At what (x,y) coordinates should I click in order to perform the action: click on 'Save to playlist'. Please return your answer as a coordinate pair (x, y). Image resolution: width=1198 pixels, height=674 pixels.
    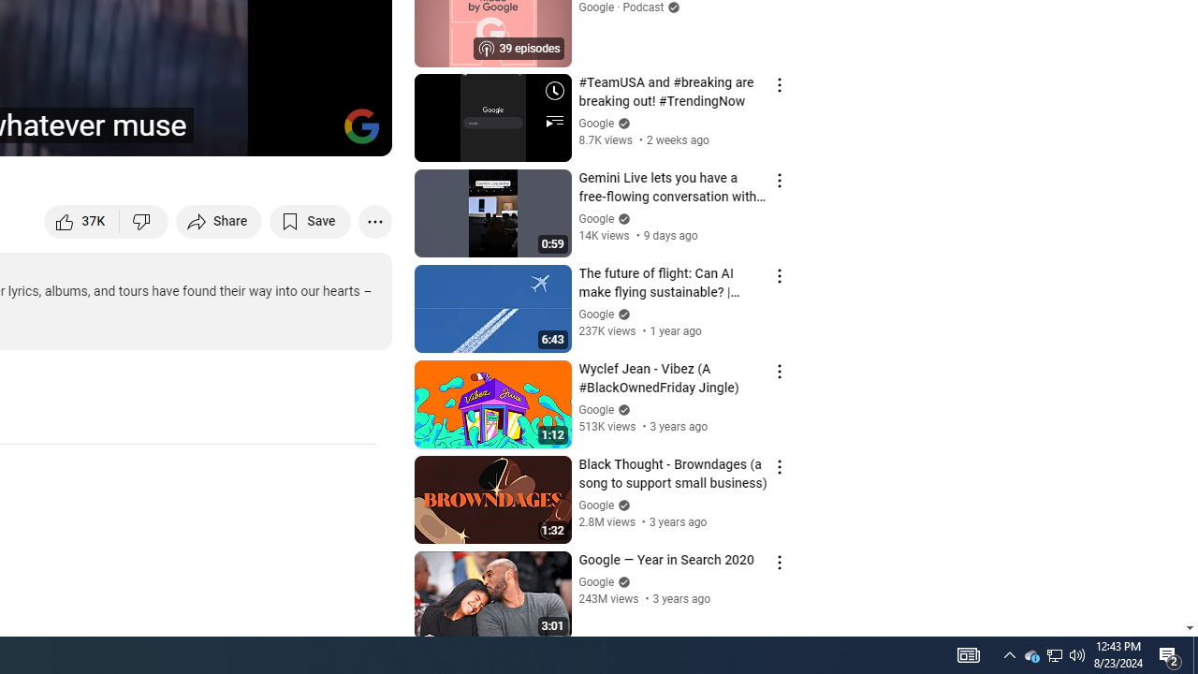
    Looking at the image, I should click on (310, 220).